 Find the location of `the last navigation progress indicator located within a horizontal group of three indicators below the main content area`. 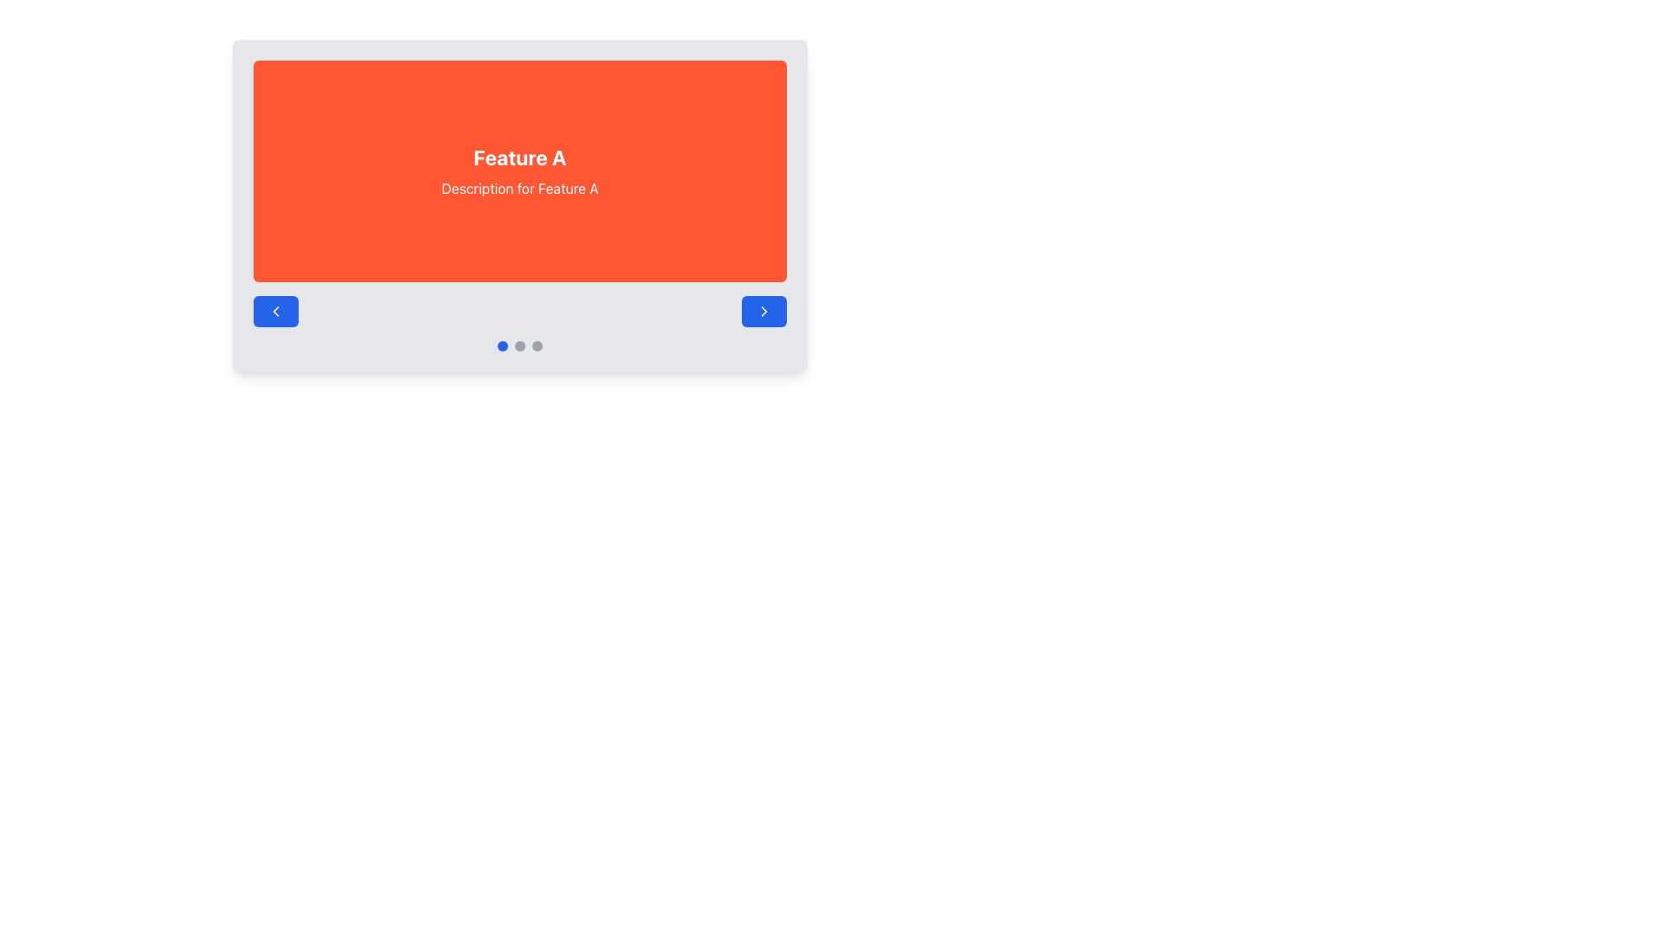

the last navigation progress indicator located within a horizontal group of three indicators below the main content area is located at coordinates (536, 346).